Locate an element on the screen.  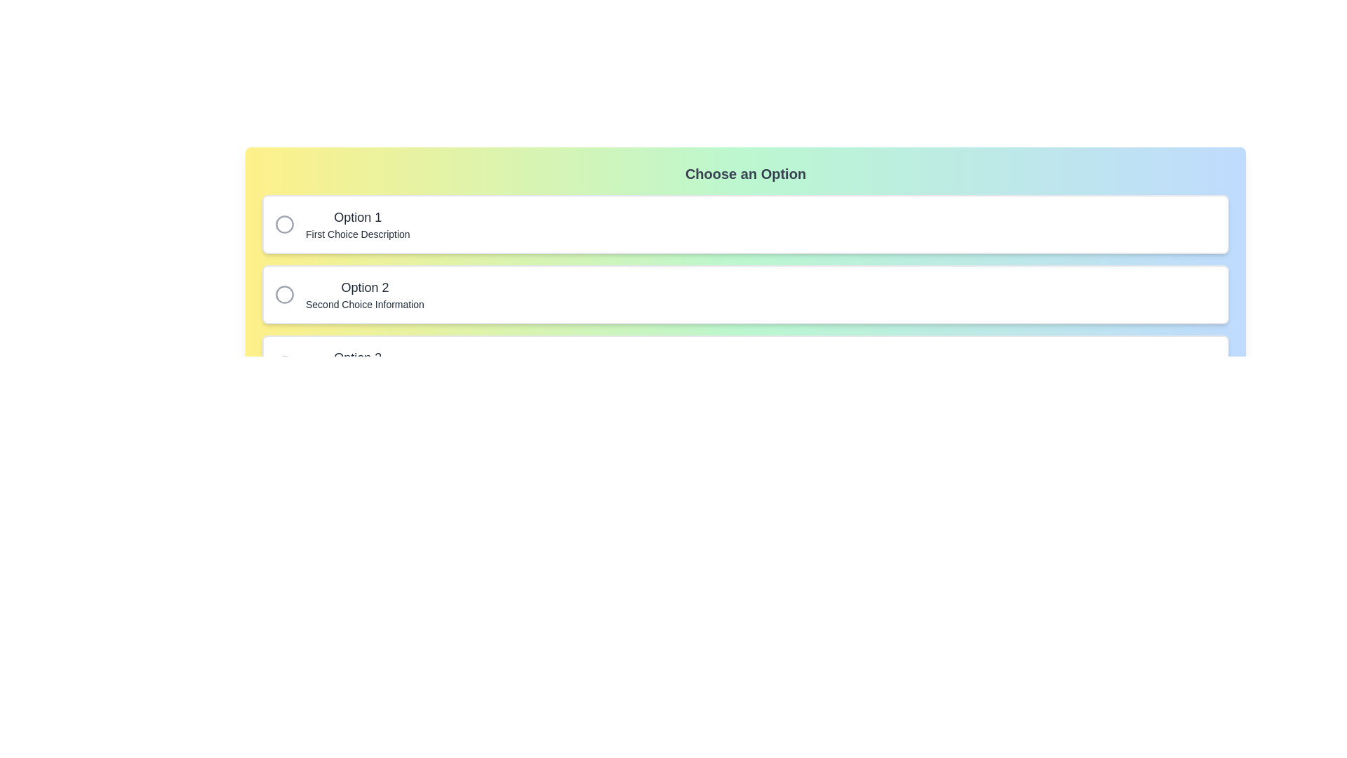
information displayed in the text block that describes the second selectable option in the list, positioned between 'Option 1: First Choice Description' and 'Option 3.' is located at coordinates (365, 294).